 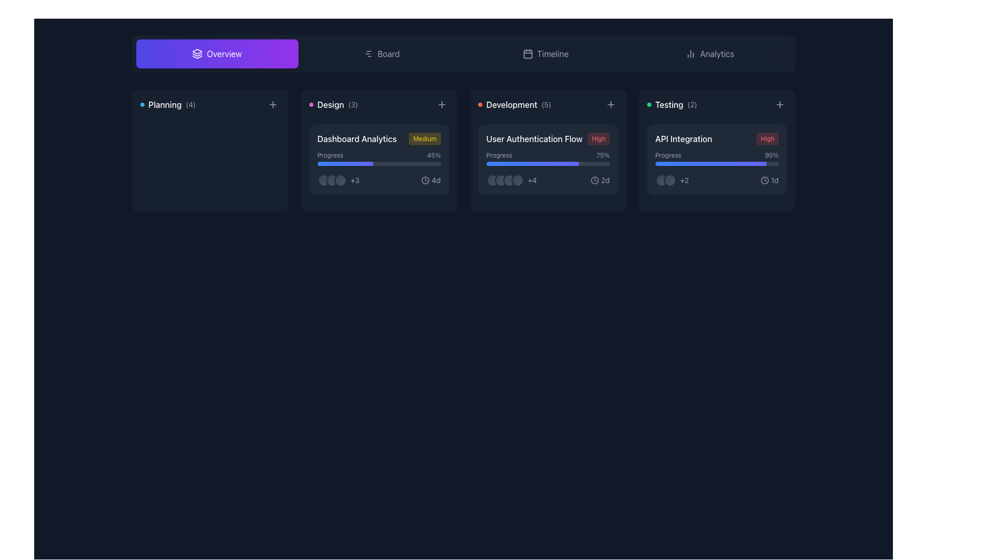 I want to click on the clock icon with a circular border located inside the 'User Authentication Flow' card in the 'Development' column, positioned to the left of the text '2d', so click(x=594, y=179).